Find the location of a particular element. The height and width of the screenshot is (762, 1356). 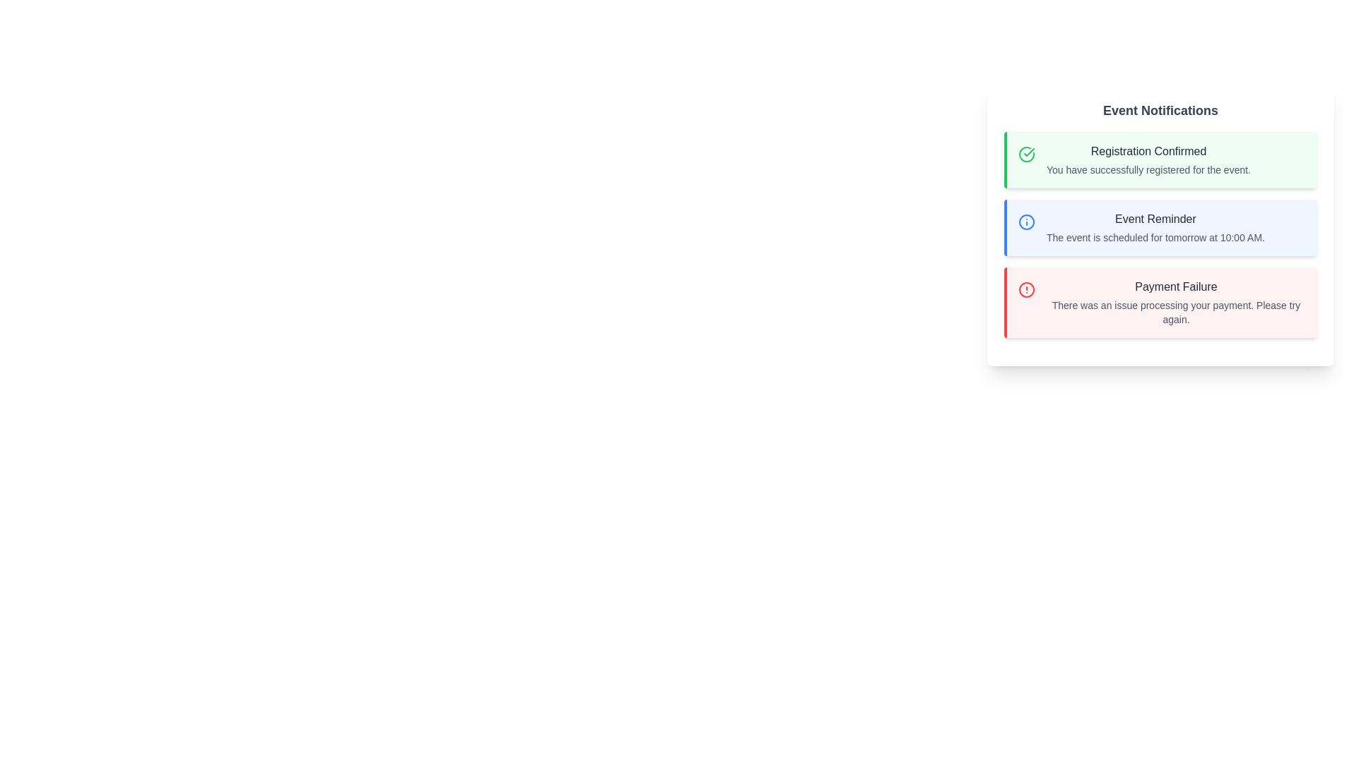

the informative icon located on the left side of the 'Event Reminder' notification, which emphasizes the scheduled event for tomorrow at 10:00 AM is located at coordinates (1027, 222).